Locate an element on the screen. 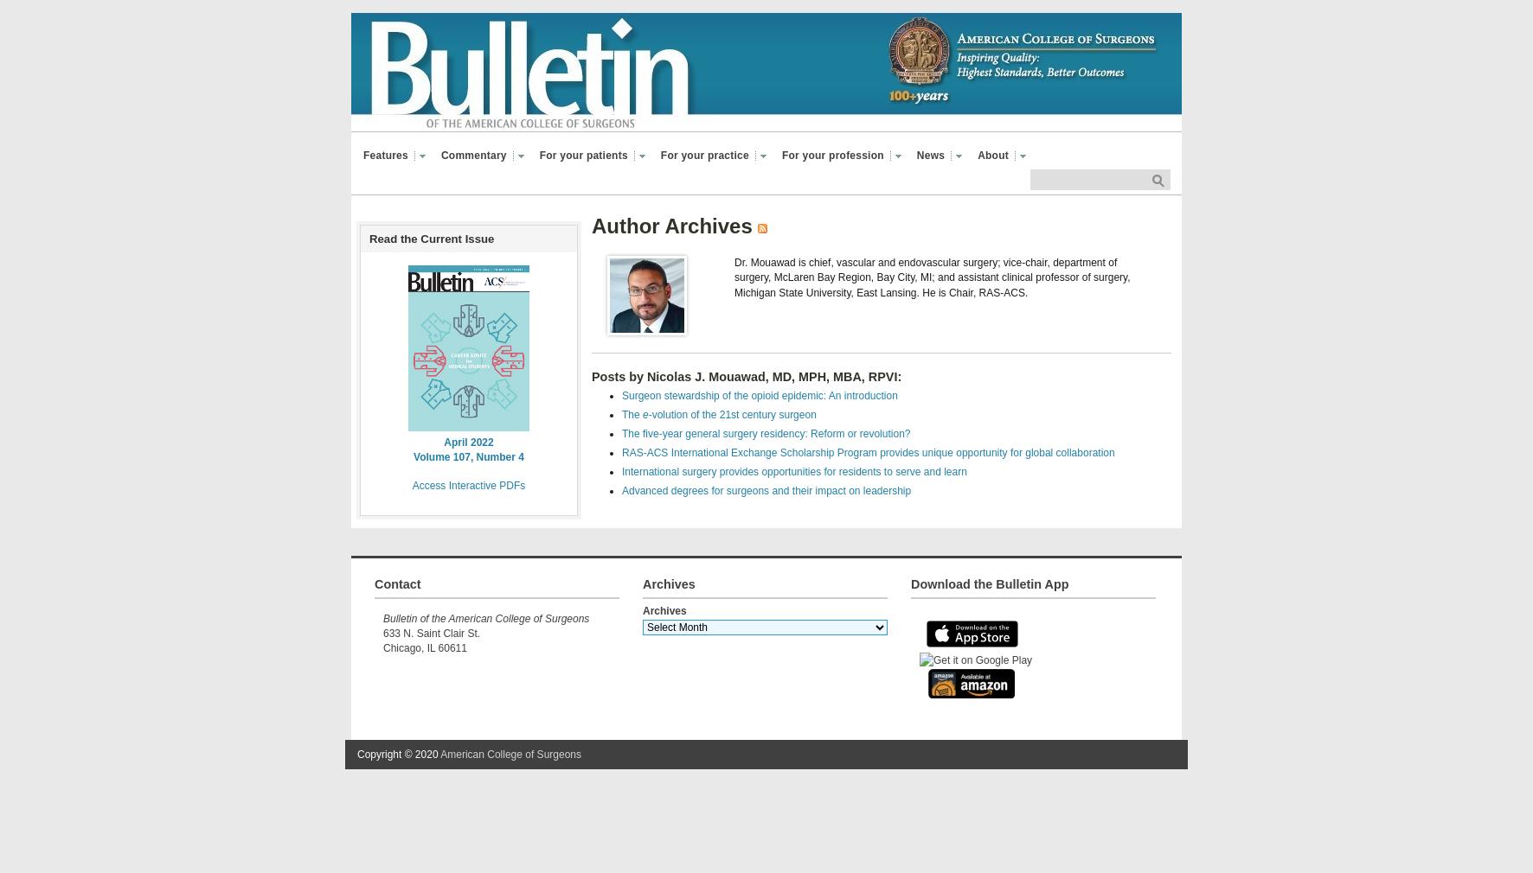 Image resolution: width=1533 pixels, height=873 pixels. 'Author Archives' is located at coordinates (590, 226).